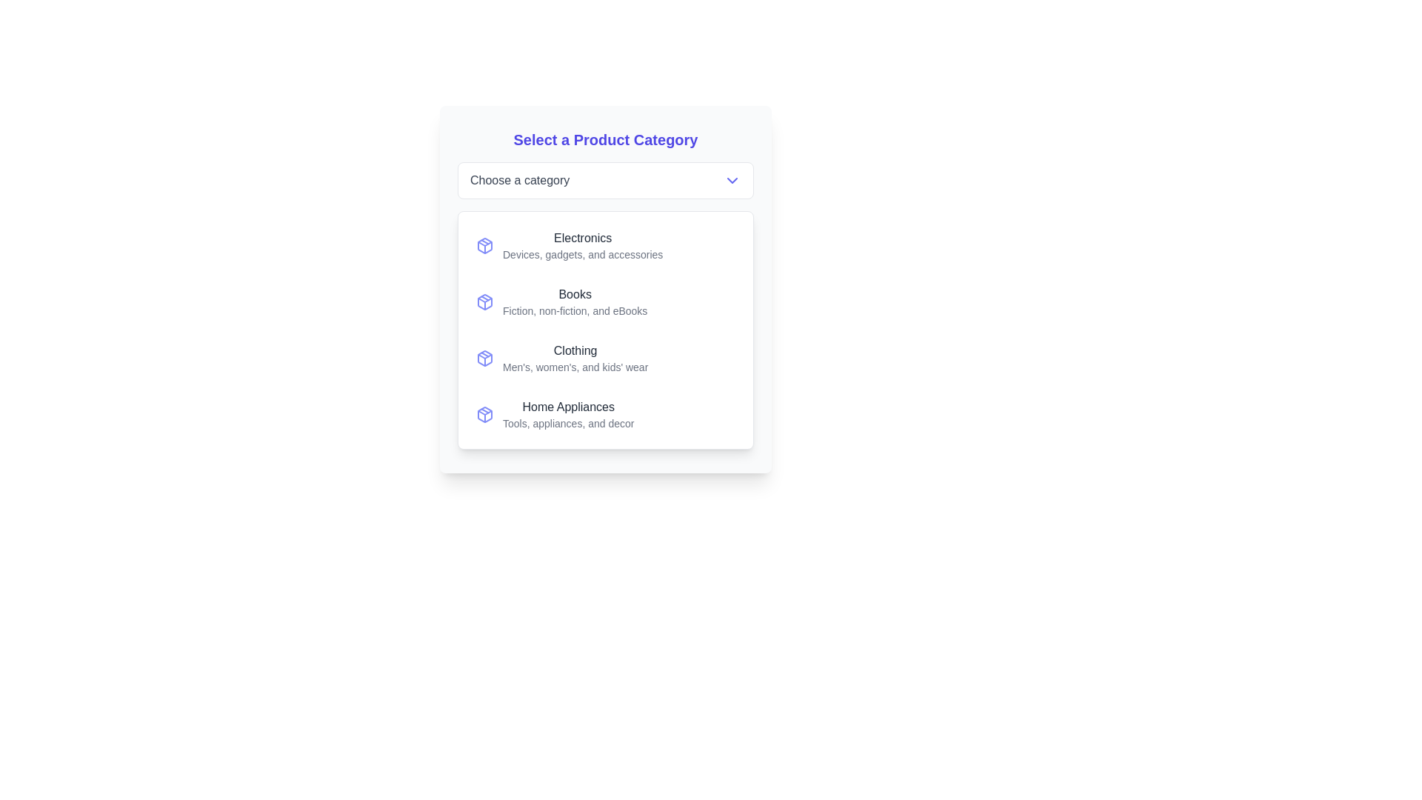 The width and height of the screenshot is (1422, 800). What do you see at coordinates (575, 367) in the screenshot?
I see `the descriptive text below the 'Clothing' label, which provides context for the types of items available in this category` at bounding box center [575, 367].